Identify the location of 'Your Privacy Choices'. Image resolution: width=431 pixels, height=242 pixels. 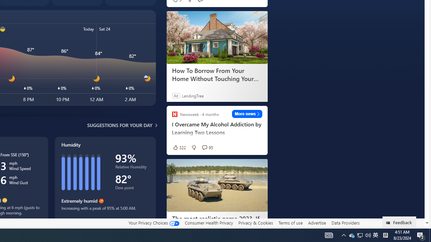
(153, 223).